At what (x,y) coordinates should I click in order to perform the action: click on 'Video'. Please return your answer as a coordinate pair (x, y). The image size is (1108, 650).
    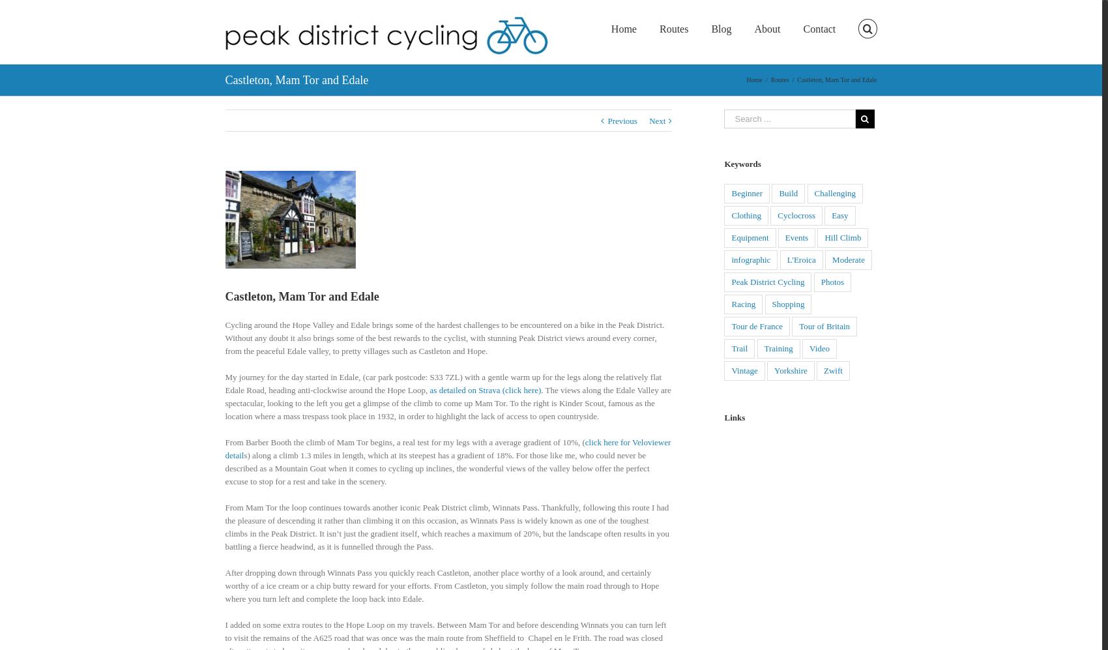
    Looking at the image, I should click on (819, 347).